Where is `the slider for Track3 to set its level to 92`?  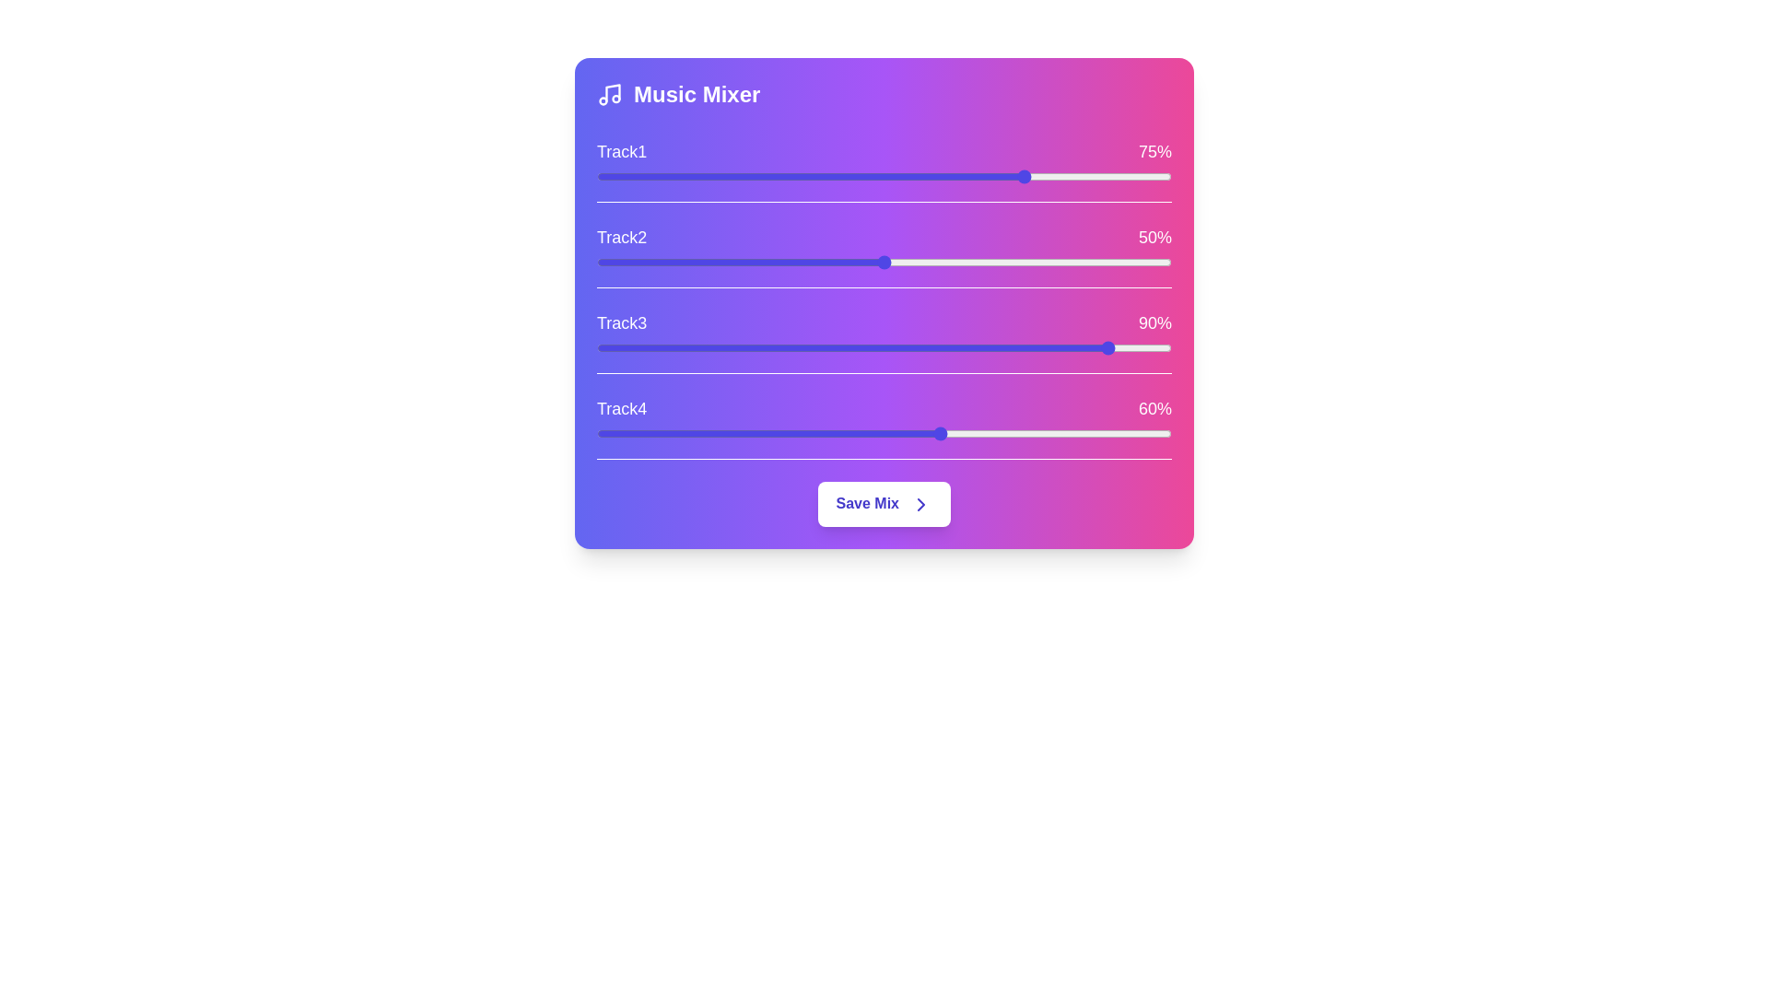
the slider for Track3 to set its level to 92 is located at coordinates (1125, 348).